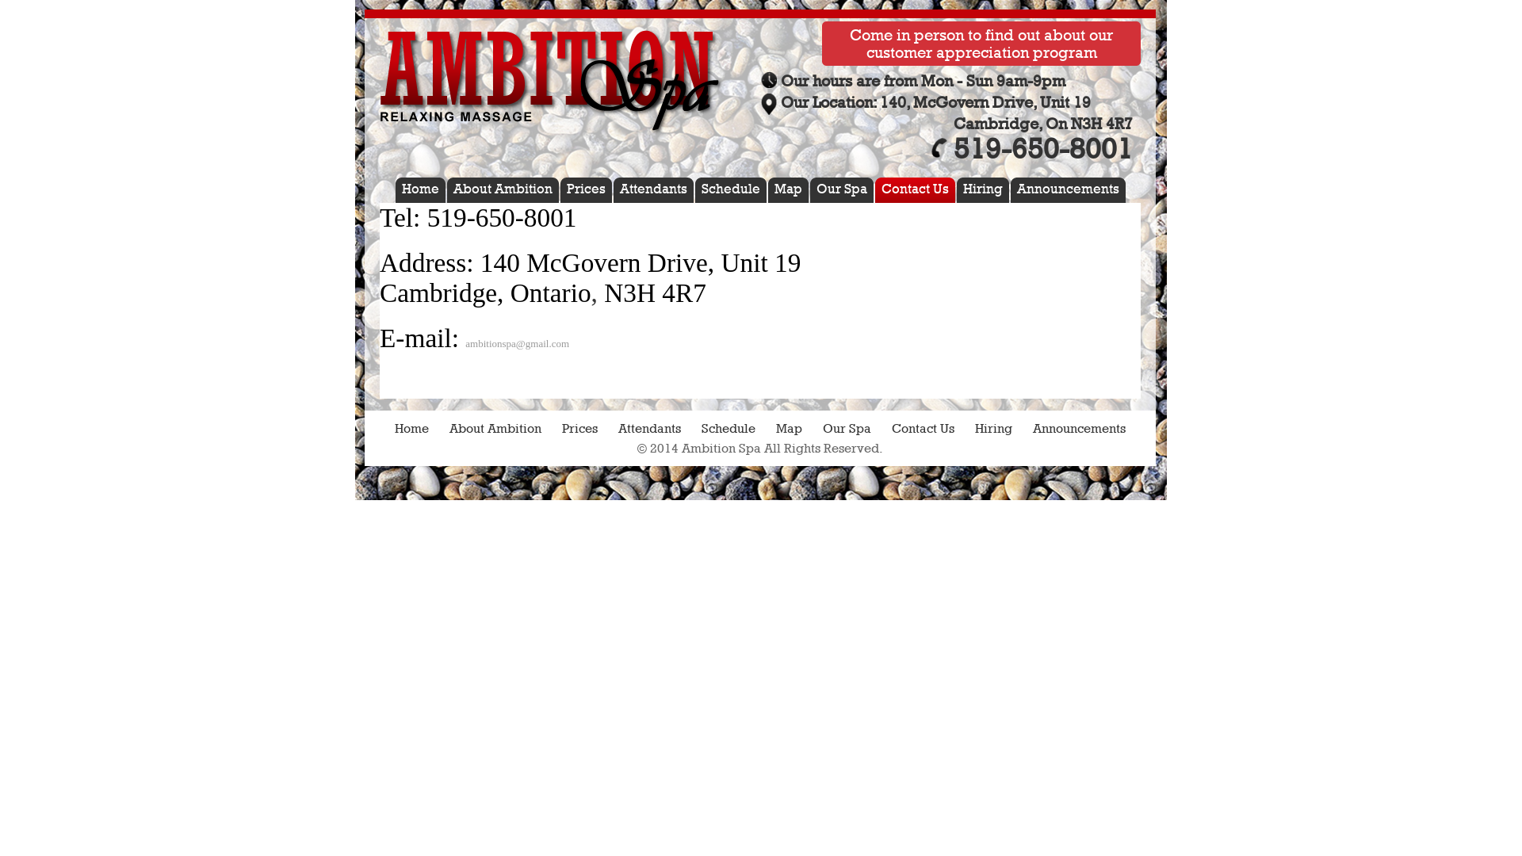 This screenshot has width=1522, height=856. I want to click on 'About Ambition', so click(505, 189).